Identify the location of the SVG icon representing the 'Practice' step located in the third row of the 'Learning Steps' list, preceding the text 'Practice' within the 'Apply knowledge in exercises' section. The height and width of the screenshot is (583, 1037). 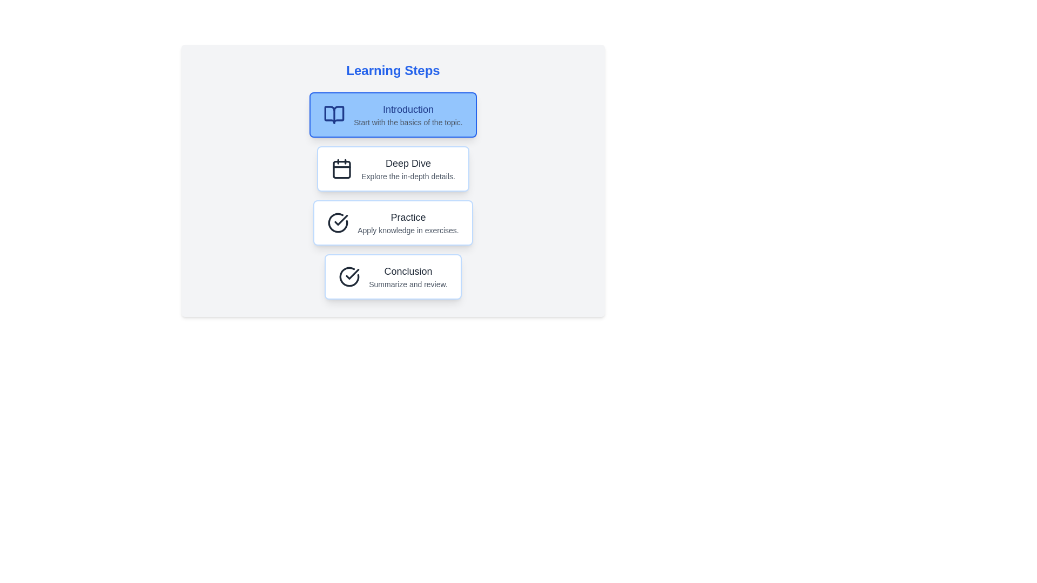
(338, 222).